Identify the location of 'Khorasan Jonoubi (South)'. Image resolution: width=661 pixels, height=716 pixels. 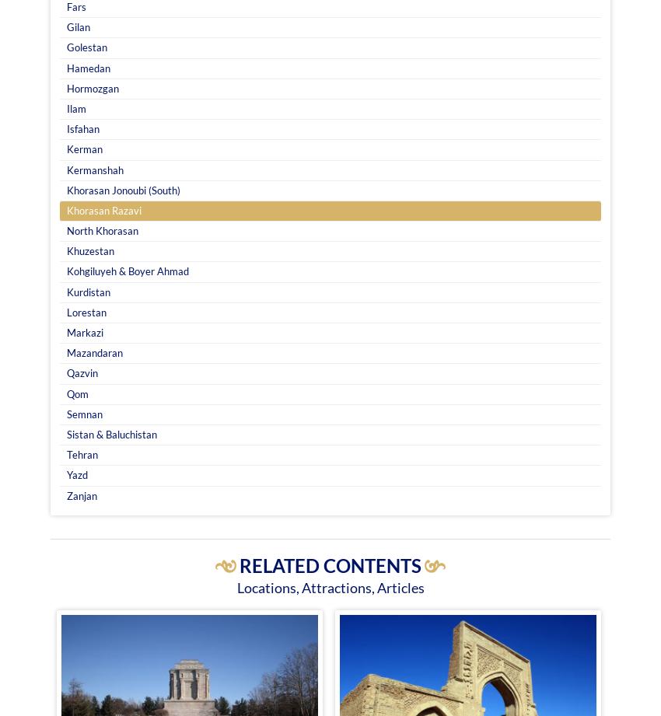
(66, 188).